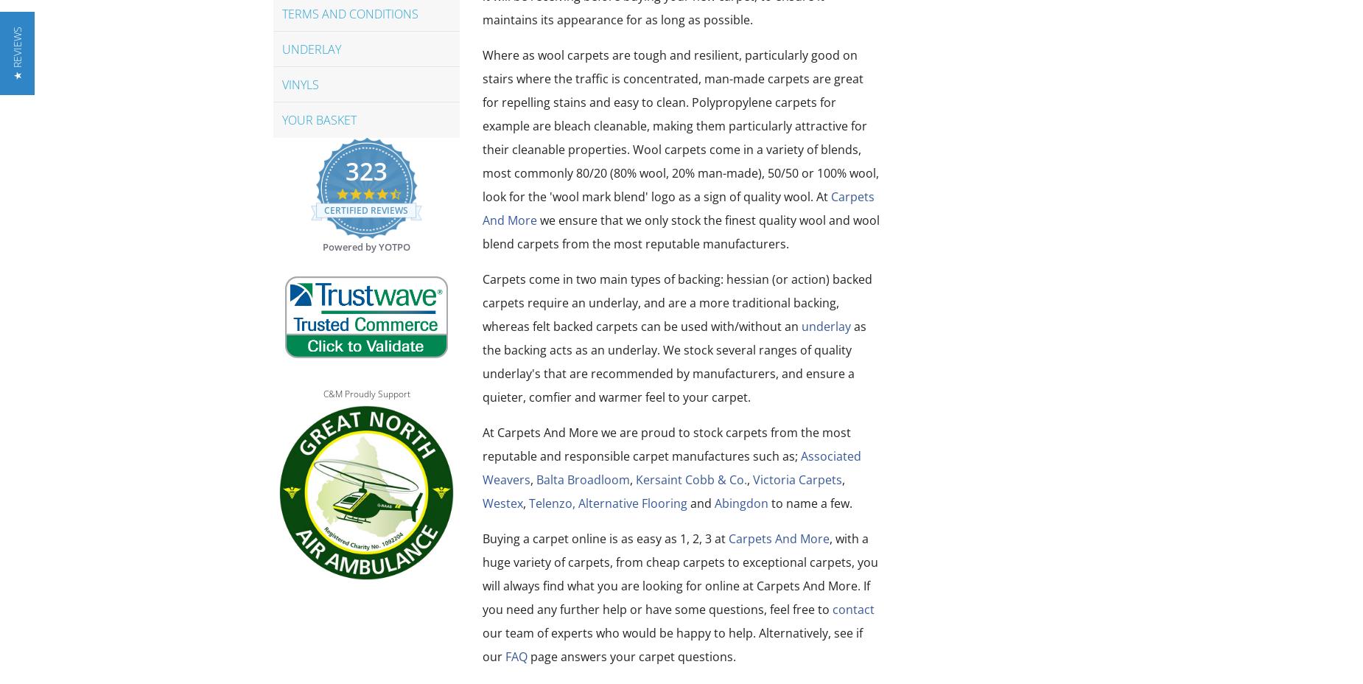 This screenshot has width=1363, height=684. Describe the element at coordinates (810, 503) in the screenshot. I see `'to name a few.'` at that location.